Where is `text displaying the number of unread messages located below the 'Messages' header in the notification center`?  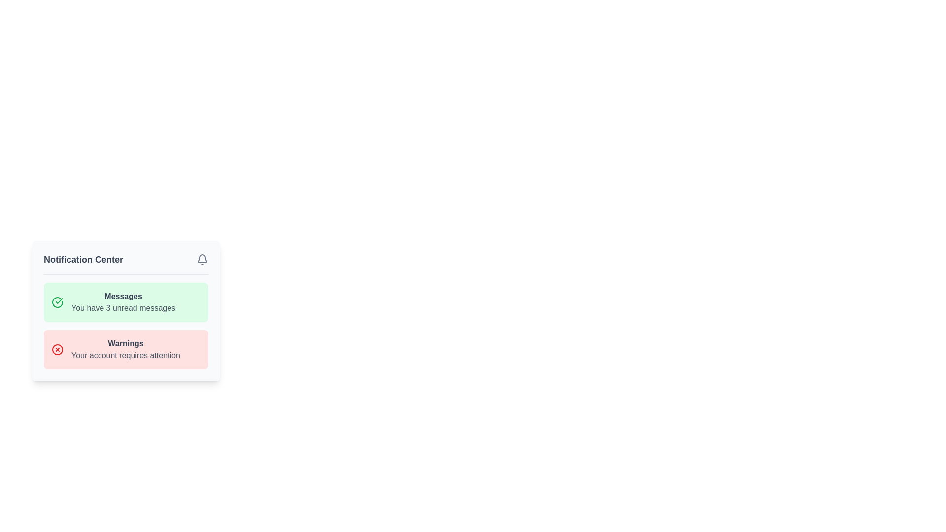
text displaying the number of unread messages located below the 'Messages' header in the notification center is located at coordinates (123, 307).